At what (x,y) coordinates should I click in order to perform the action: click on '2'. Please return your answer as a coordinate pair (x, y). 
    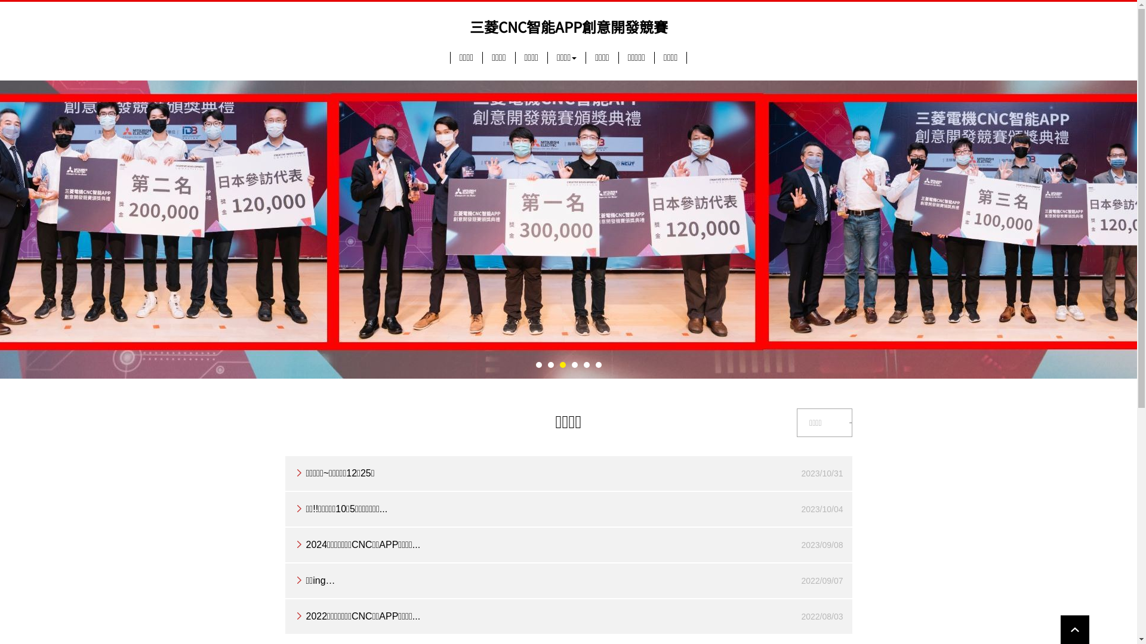
    Looking at the image, I should click on (550, 363).